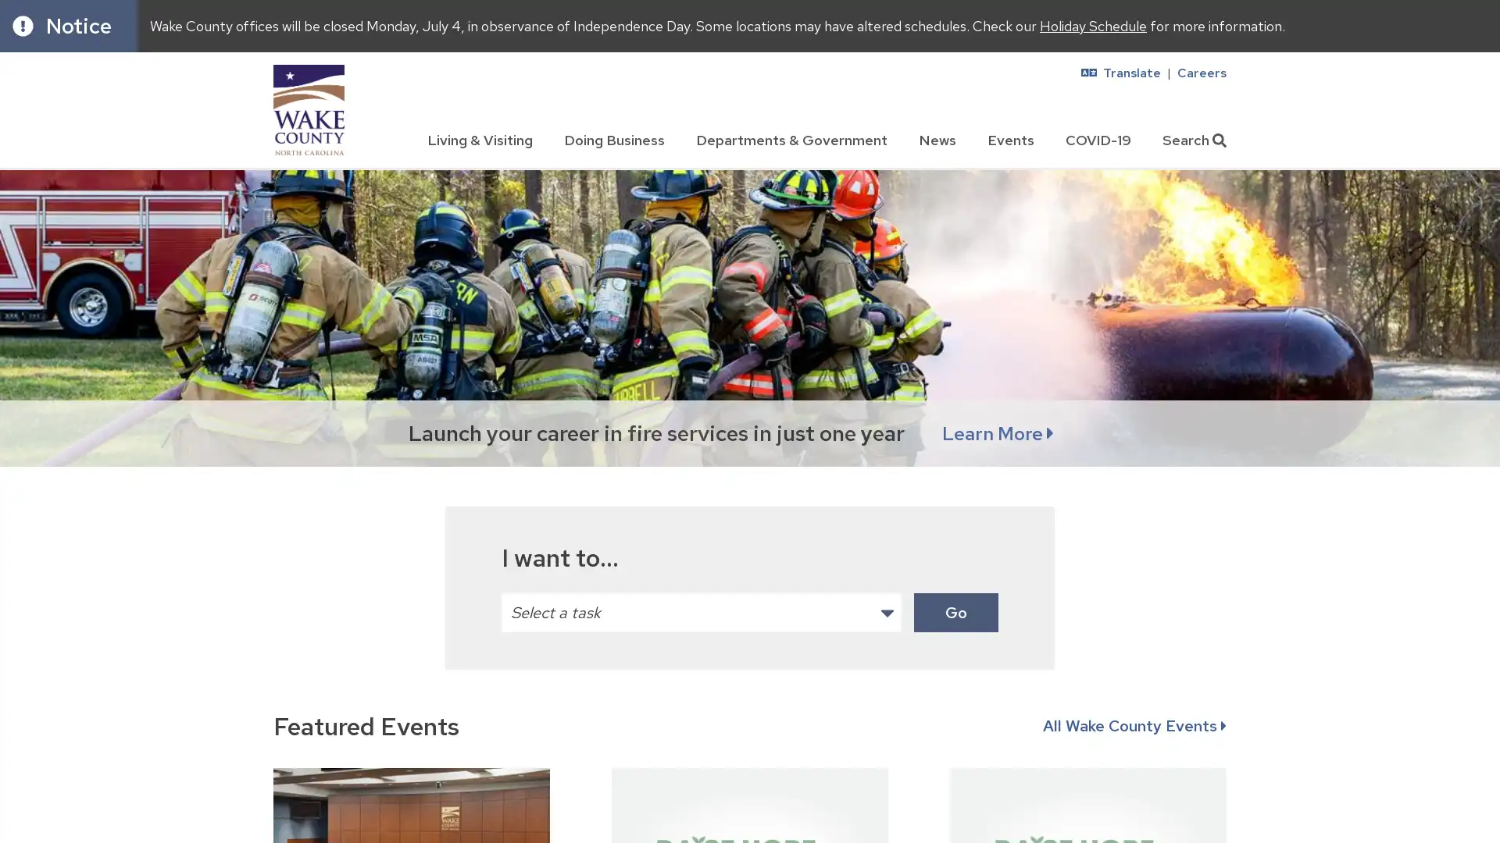 The height and width of the screenshot is (843, 1500). What do you see at coordinates (1194, 138) in the screenshot?
I see `Search` at bounding box center [1194, 138].